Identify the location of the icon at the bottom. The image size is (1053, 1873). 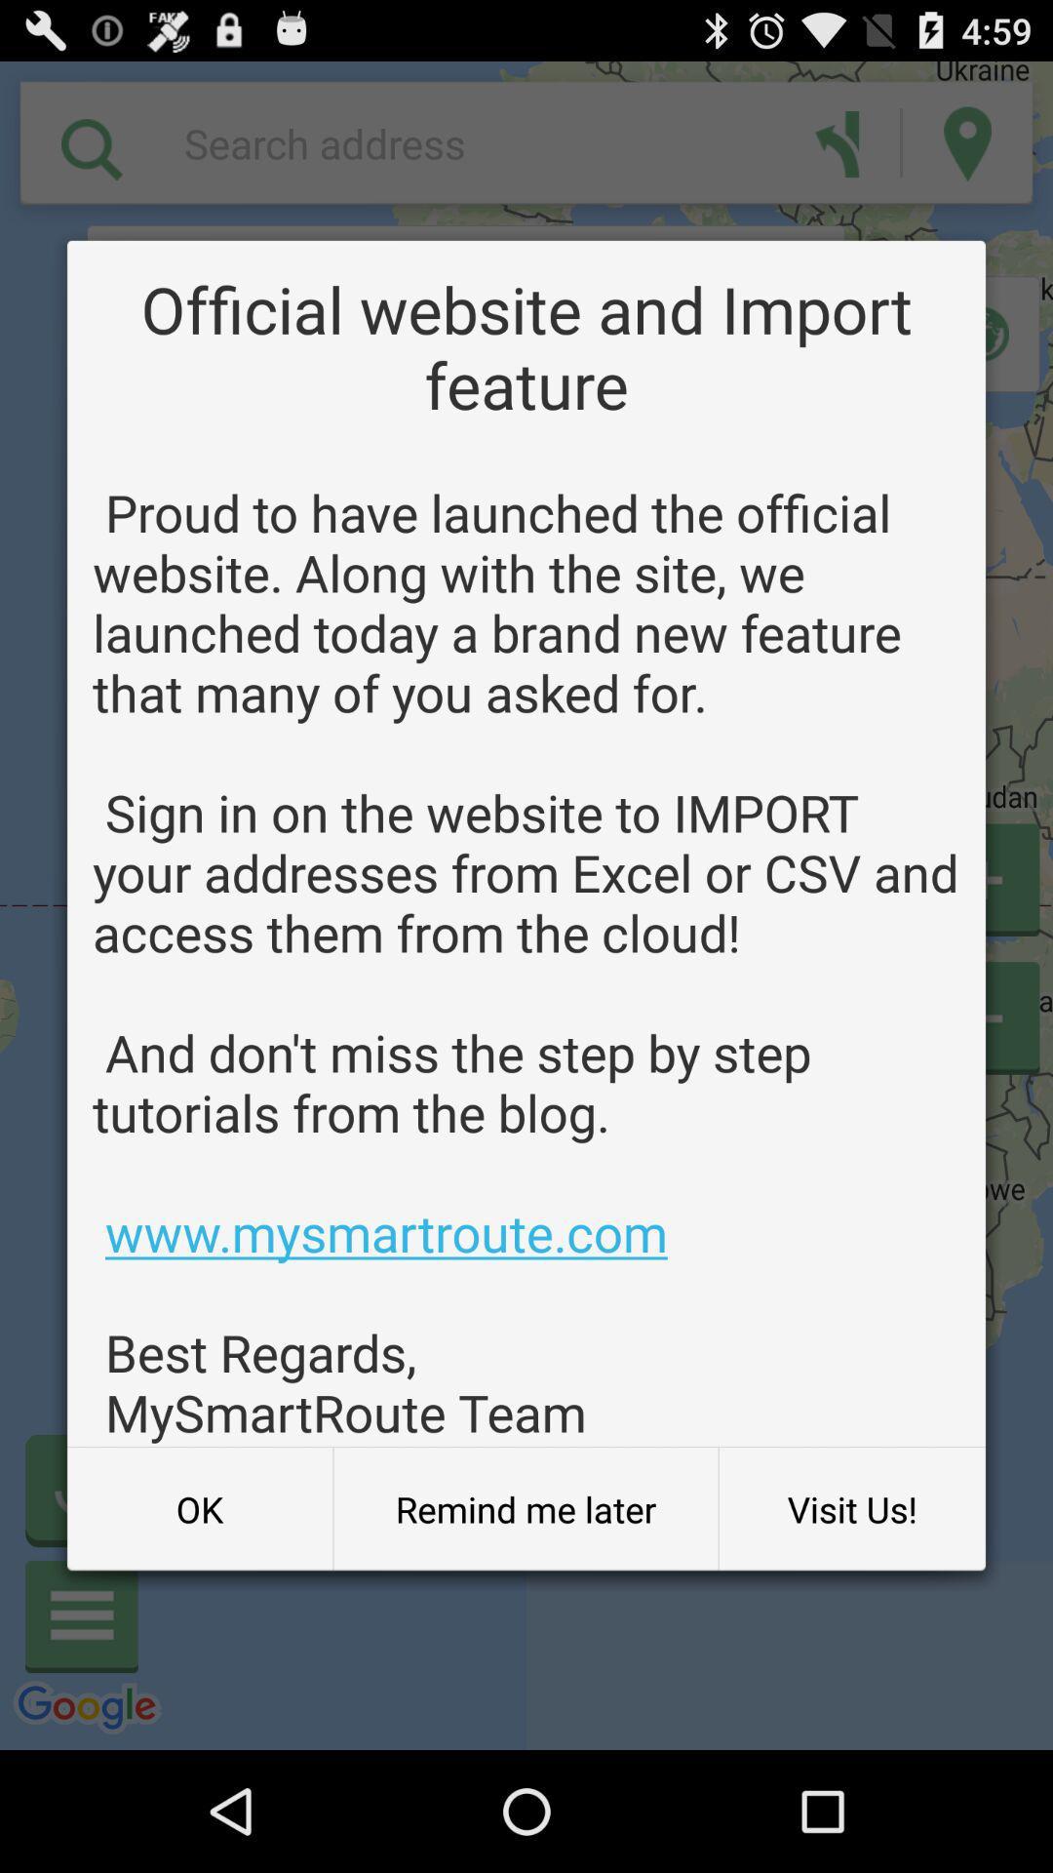
(525, 1508).